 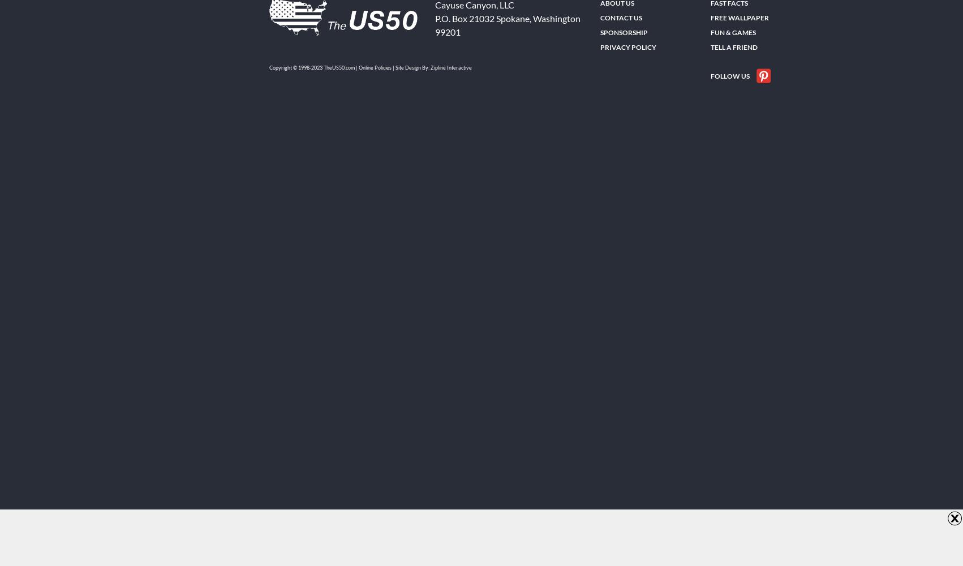 What do you see at coordinates (620, 18) in the screenshot?
I see `'Contact Us'` at bounding box center [620, 18].